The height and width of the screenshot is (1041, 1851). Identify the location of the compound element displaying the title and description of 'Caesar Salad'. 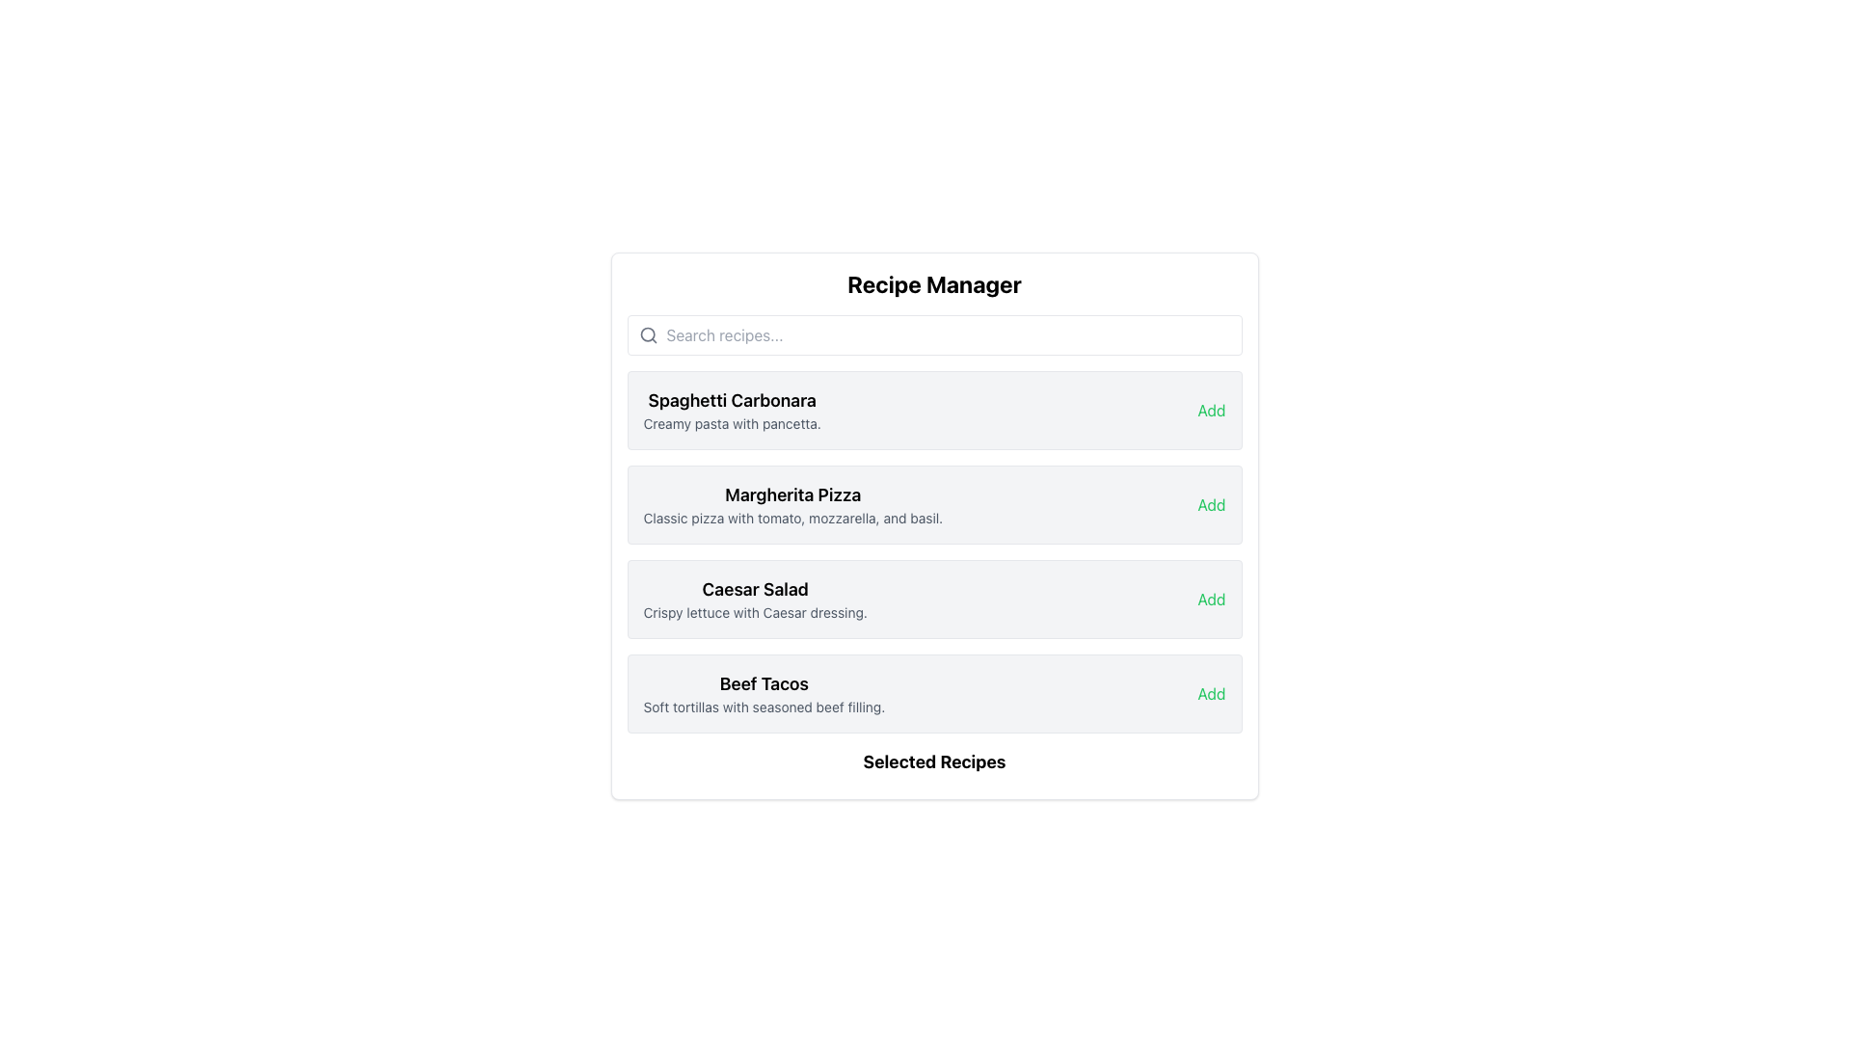
(934, 598).